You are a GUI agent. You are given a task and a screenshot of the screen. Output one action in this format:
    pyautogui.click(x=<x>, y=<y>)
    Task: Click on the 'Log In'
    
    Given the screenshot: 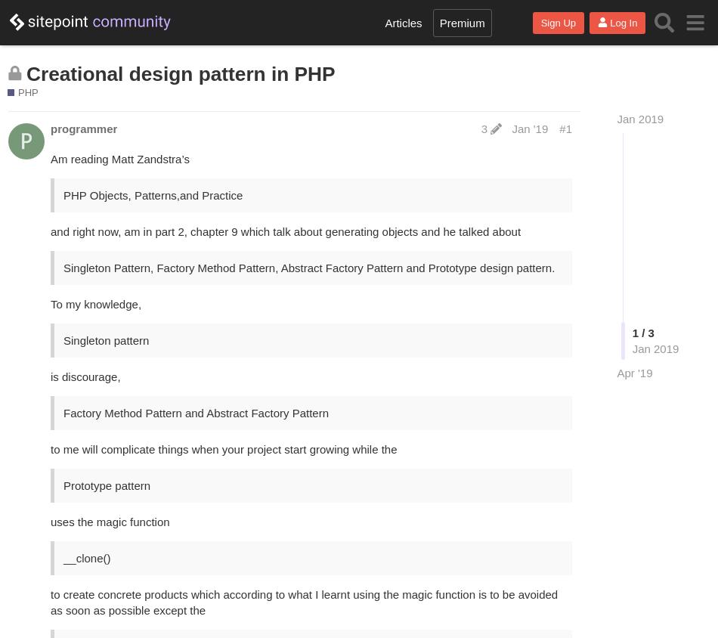 What is the action you would take?
    pyautogui.click(x=622, y=21)
    